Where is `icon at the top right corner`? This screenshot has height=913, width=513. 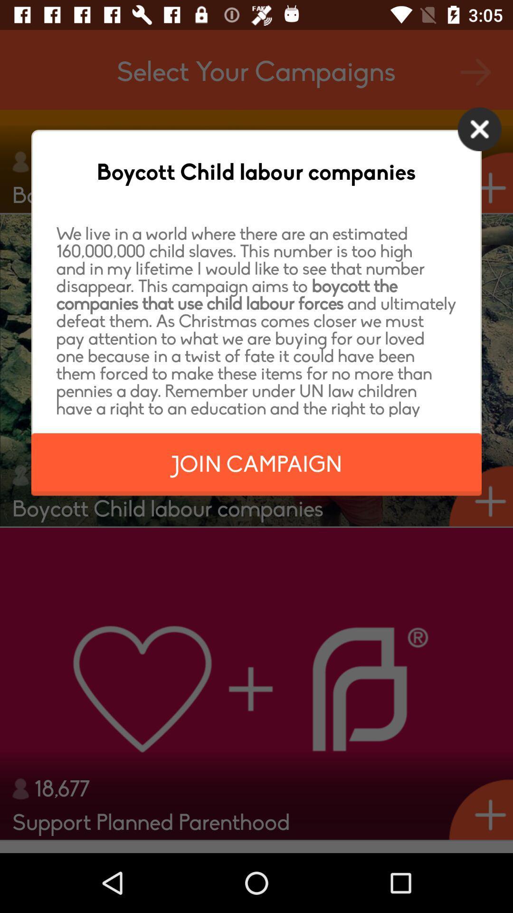 icon at the top right corner is located at coordinates (479, 128).